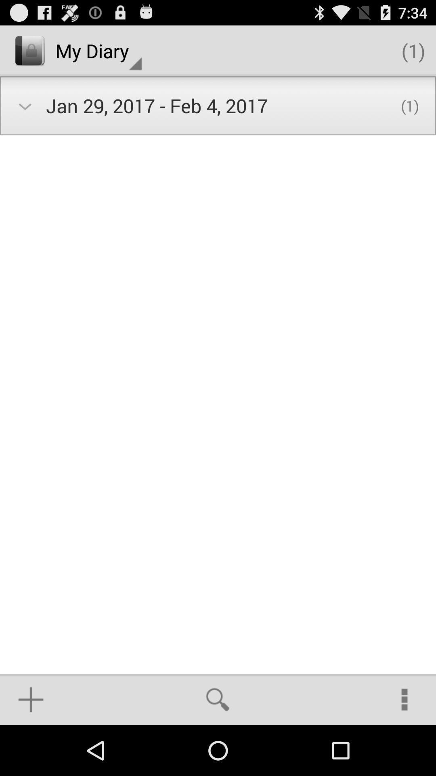 The width and height of the screenshot is (436, 776). What do you see at coordinates (217, 699) in the screenshot?
I see `the item below jan 29 2017` at bounding box center [217, 699].